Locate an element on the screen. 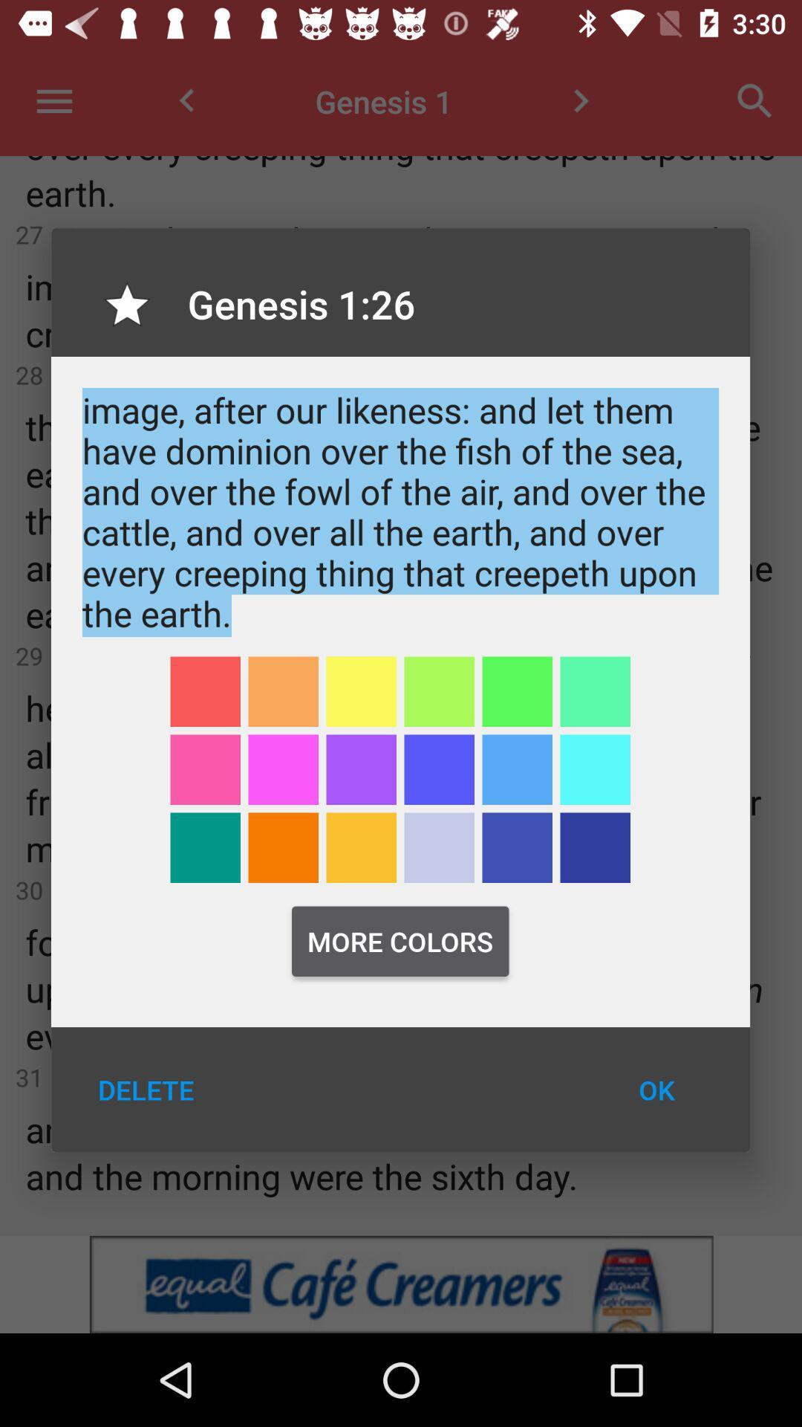  color purple is located at coordinates (438, 769).